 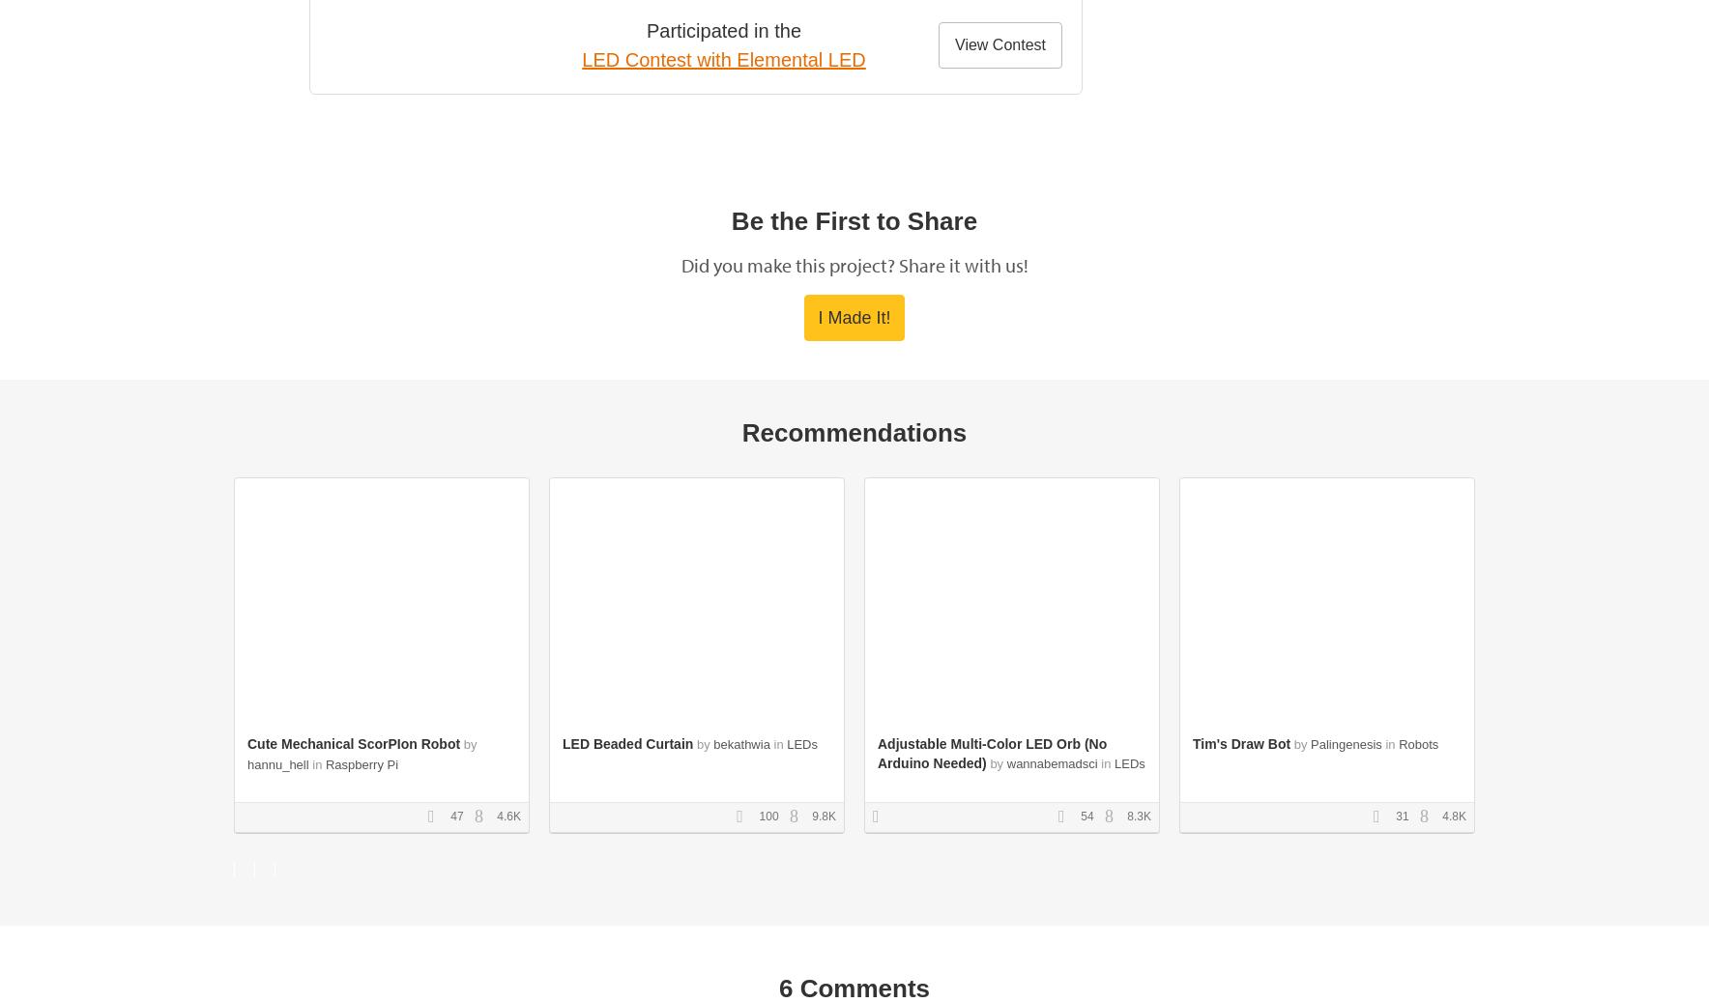 I want to click on 'bekathwia', so click(x=740, y=743).